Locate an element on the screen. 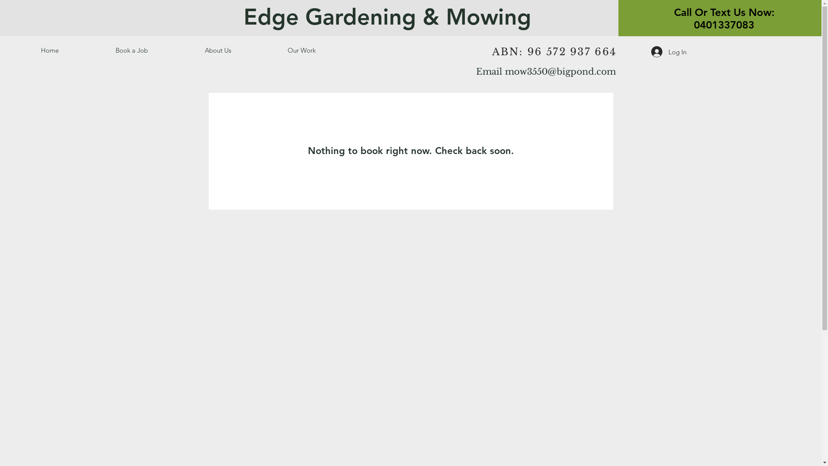 This screenshot has height=466, width=828. 'About Us' is located at coordinates (240, 50).